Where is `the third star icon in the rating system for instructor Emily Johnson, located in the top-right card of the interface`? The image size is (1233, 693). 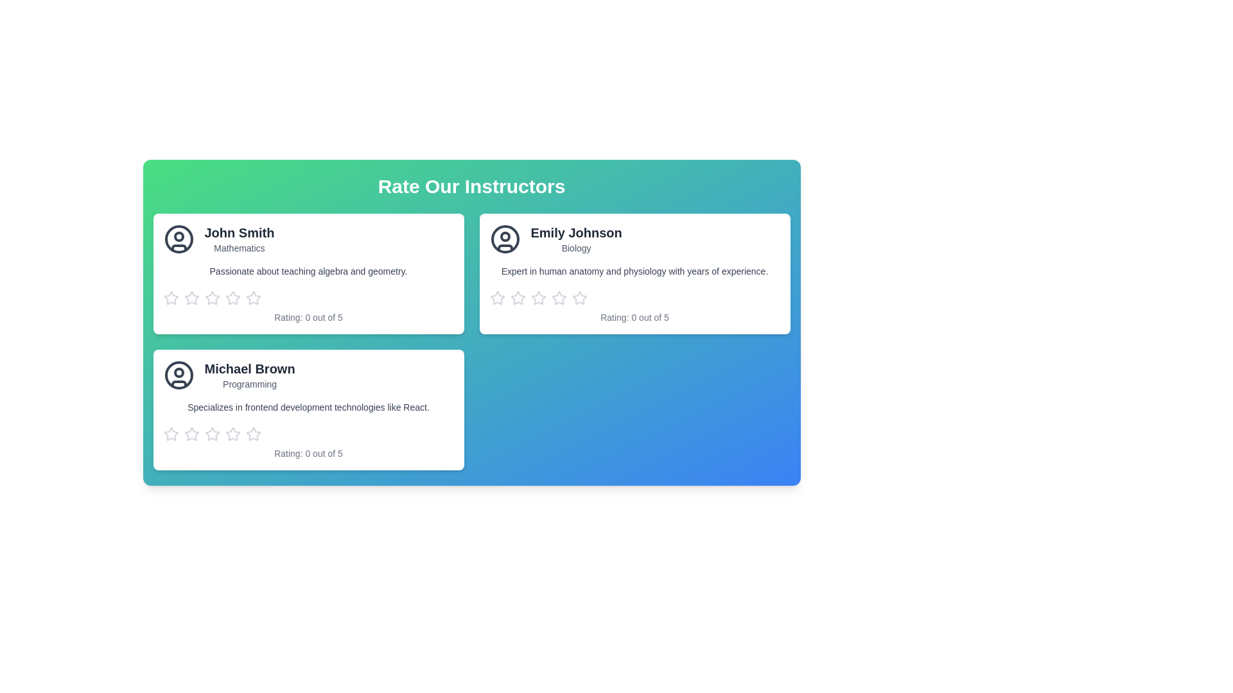
the third star icon in the rating system for instructor Emily Johnson, located in the top-right card of the interface is located at coordinates (538, 298).